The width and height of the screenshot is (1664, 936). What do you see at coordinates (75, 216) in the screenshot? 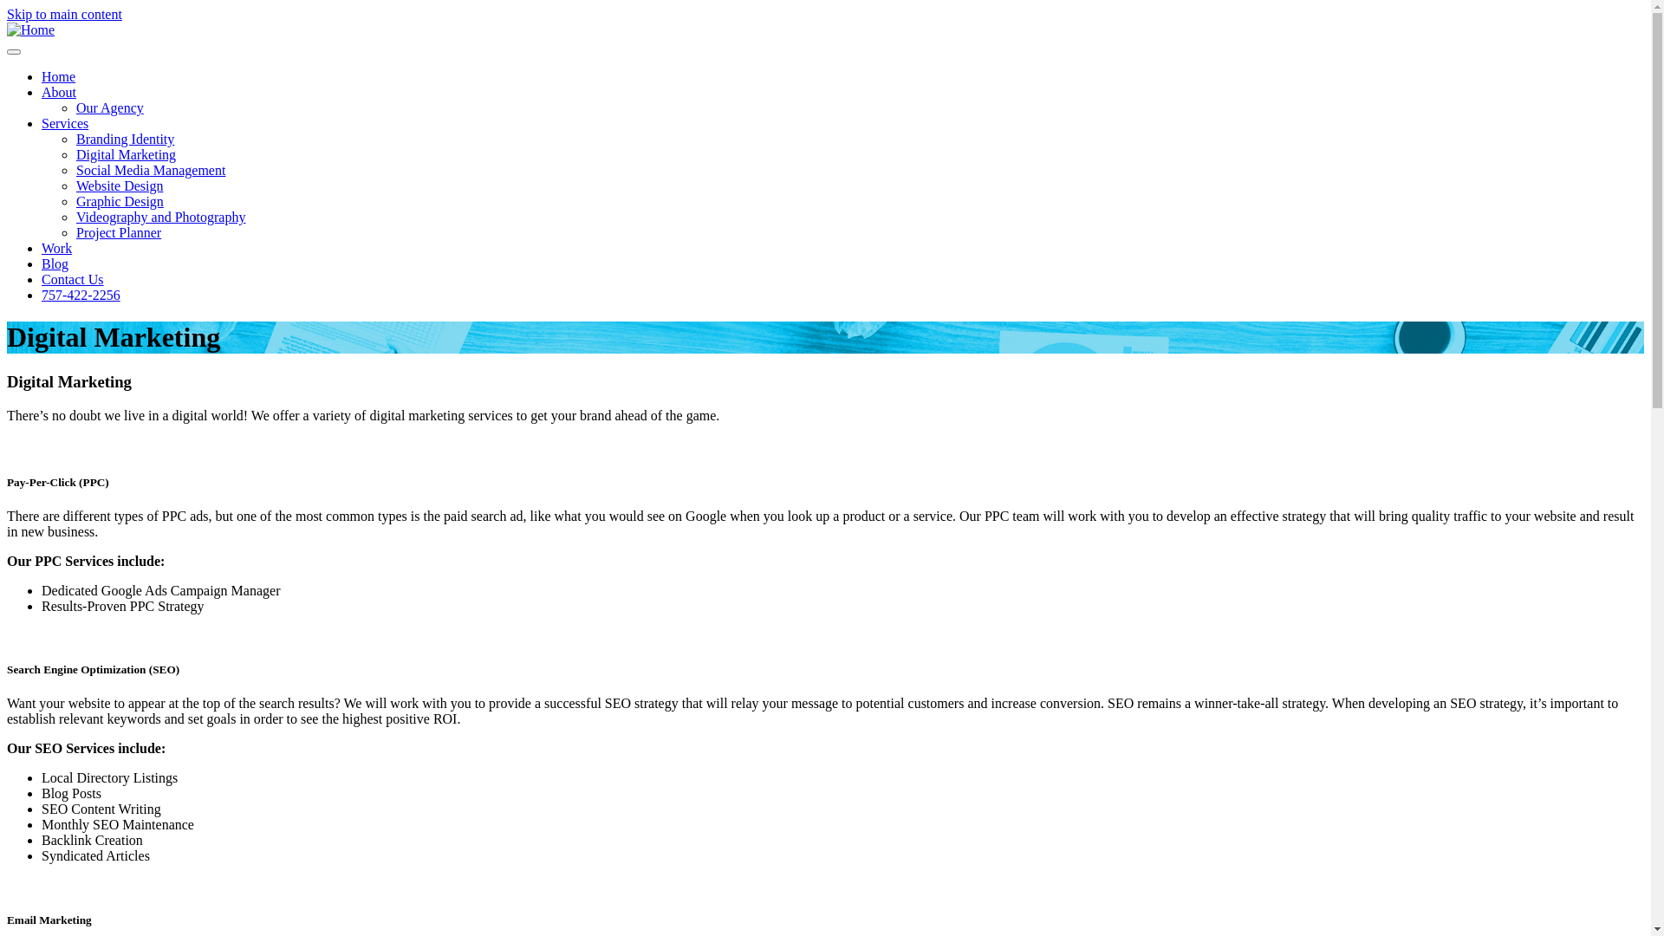
I see `'Videography and Photography'` at bounding box center [75, 216].